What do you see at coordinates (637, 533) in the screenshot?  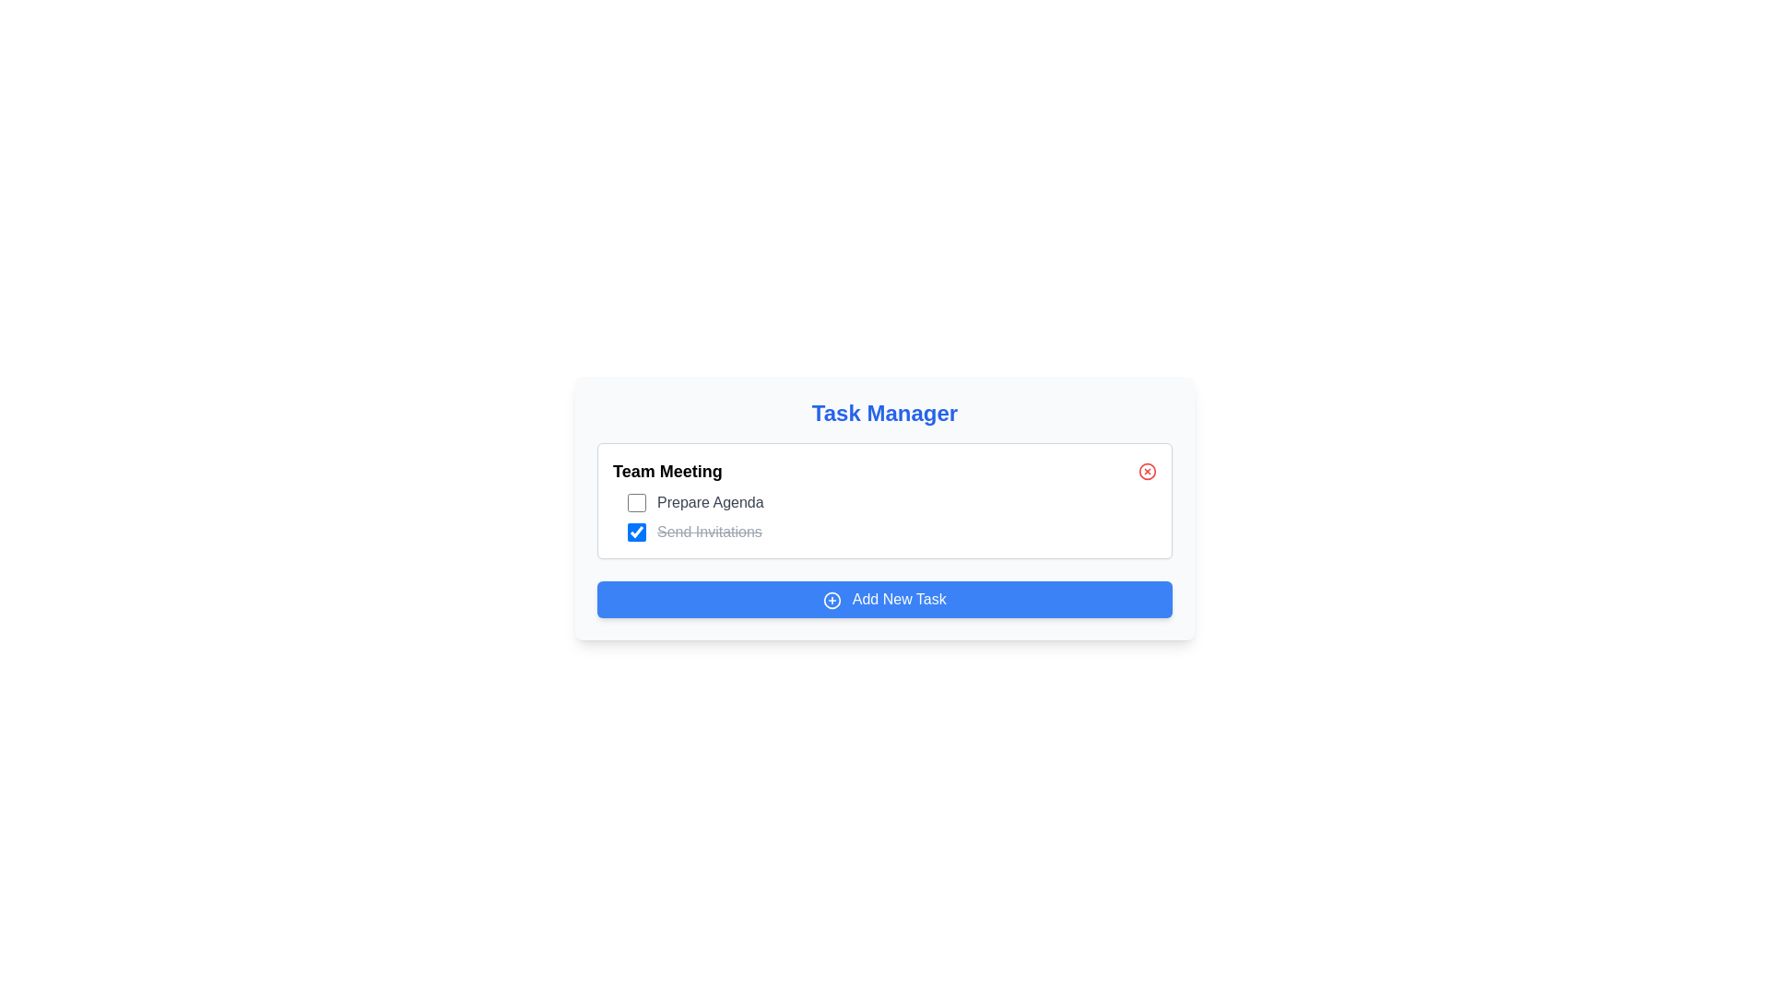 I see `the checkbox for the task 'Send Invitations' located in the second row under 'Team Meeting'` at bounding box center [637, 533].